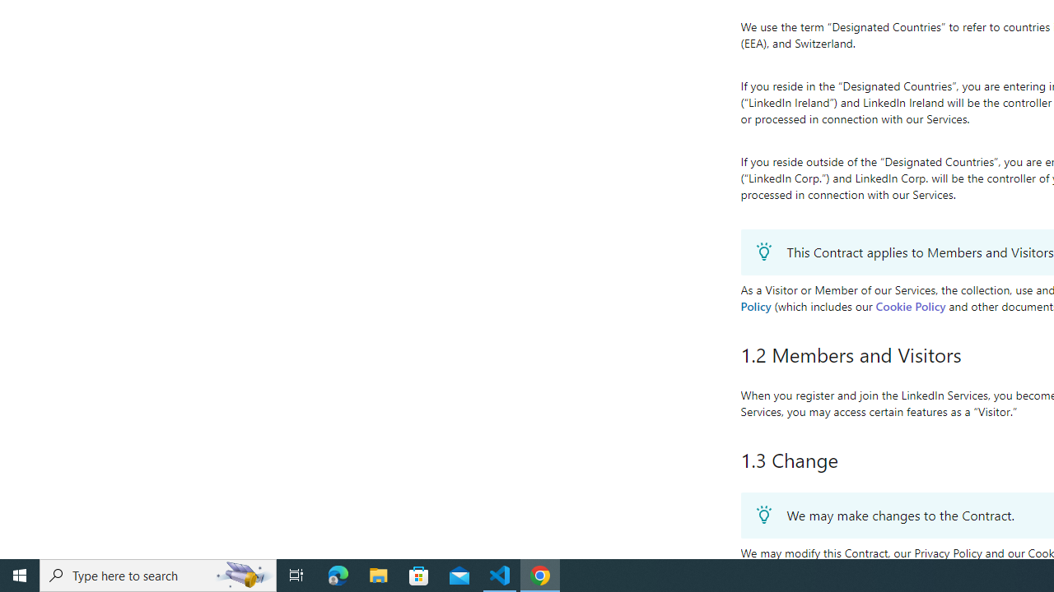  Describe the element at coordinates (909, 306) in the screenshot. I see `'Cookie Policy'` at that location.